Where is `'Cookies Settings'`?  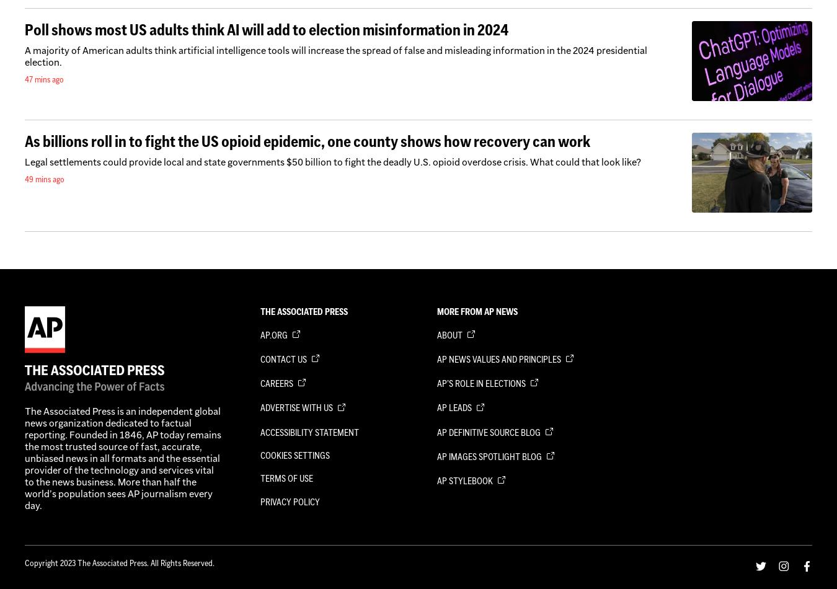
'Cookies Settings' is located at coordinates (294, 454).